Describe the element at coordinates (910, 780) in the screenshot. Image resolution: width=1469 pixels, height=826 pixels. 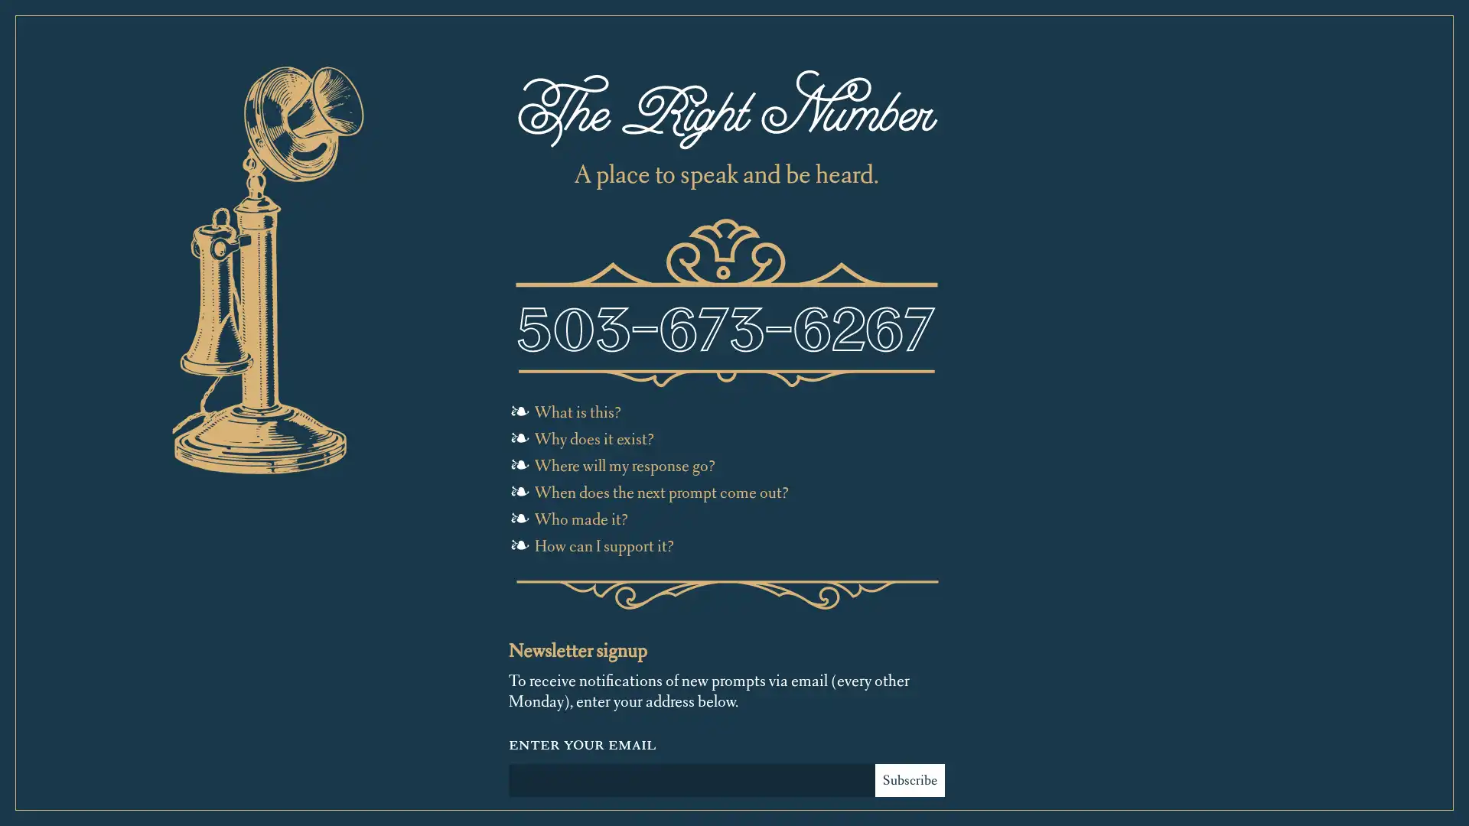
I see `Subscribe` at that location.